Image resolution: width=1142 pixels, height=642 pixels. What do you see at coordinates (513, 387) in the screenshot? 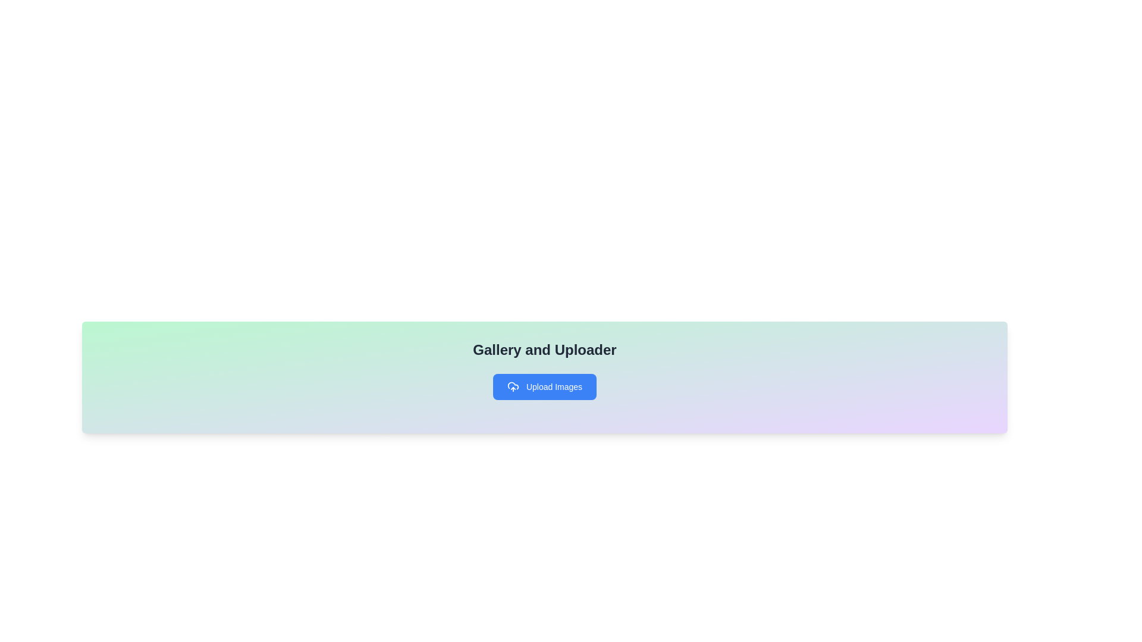
I see `the upload icon located on the leftmost side of the 'Upload Images' button, which initiates the upload action` at bounding box center [513, 387].